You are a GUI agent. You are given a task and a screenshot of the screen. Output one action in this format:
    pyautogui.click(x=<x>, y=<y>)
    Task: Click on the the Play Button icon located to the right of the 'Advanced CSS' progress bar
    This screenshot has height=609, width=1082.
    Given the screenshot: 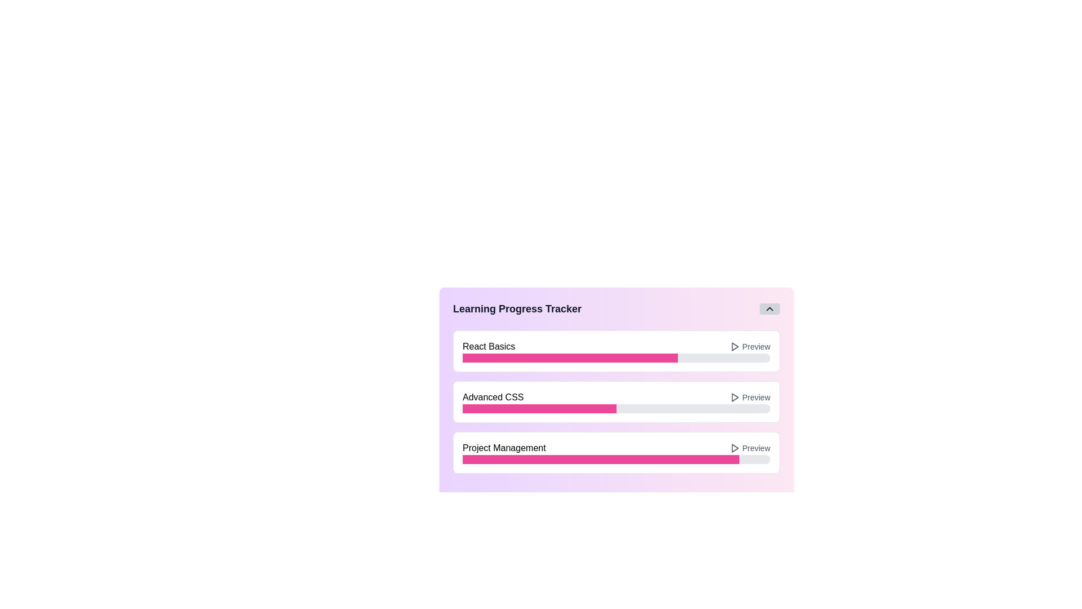 What is the action you would take?
    pyautogui.click(x=735, y=397)
    